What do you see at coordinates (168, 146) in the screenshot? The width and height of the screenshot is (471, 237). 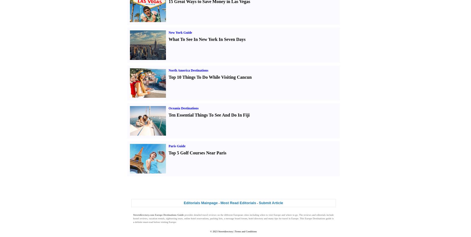 I see `'Paris Guide'` at bounding box center [168, 146].